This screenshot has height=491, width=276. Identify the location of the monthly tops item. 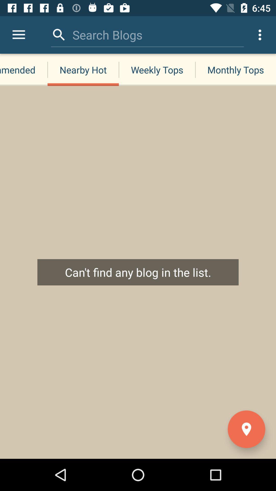
(236, 70).